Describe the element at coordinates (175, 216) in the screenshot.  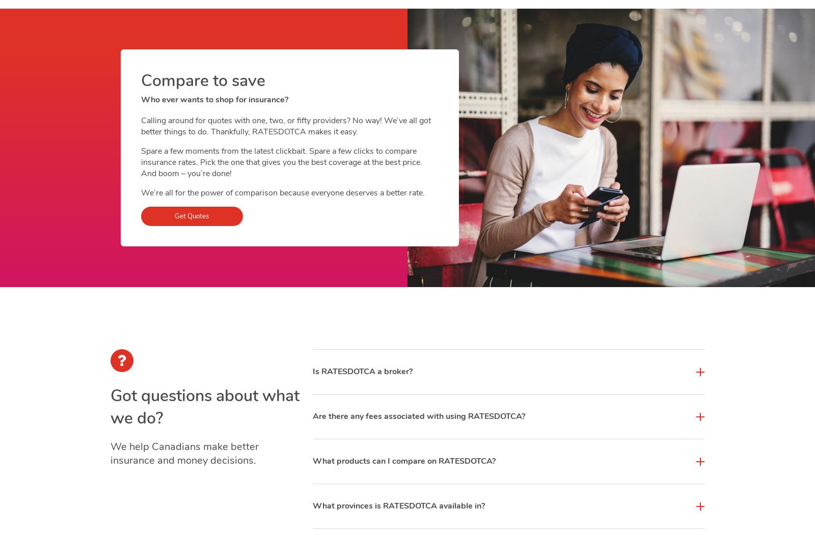
I see `'Get Quotes'` at that location.